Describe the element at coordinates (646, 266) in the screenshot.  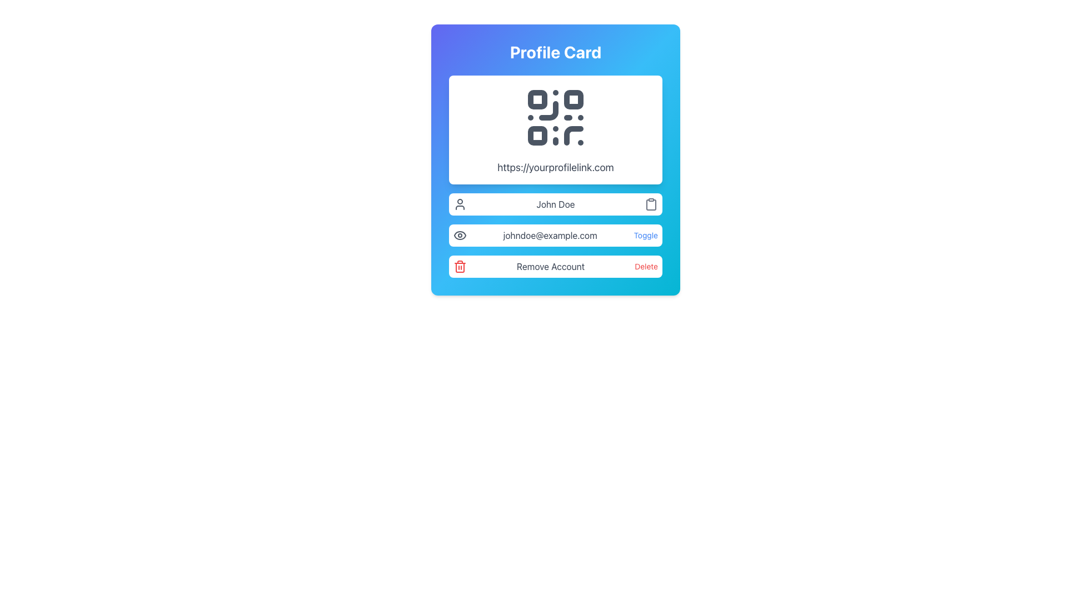
I see `the clickable label on the right side of the 'Remove Account' bar` at that location.